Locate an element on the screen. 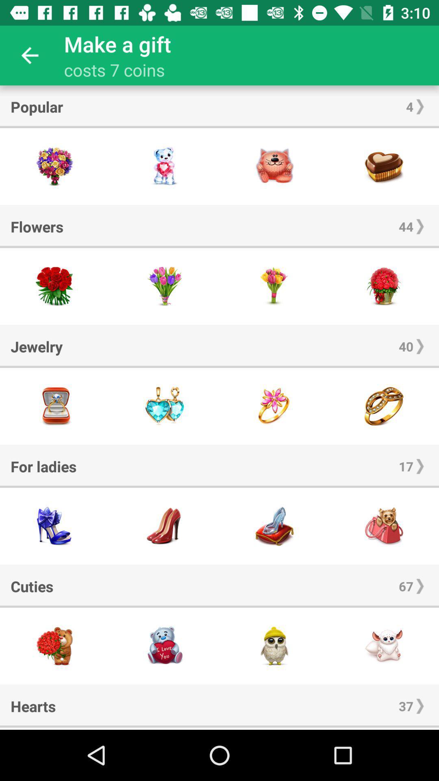 The image size is (439, 781). cutie is located at coordinates (165, 646).